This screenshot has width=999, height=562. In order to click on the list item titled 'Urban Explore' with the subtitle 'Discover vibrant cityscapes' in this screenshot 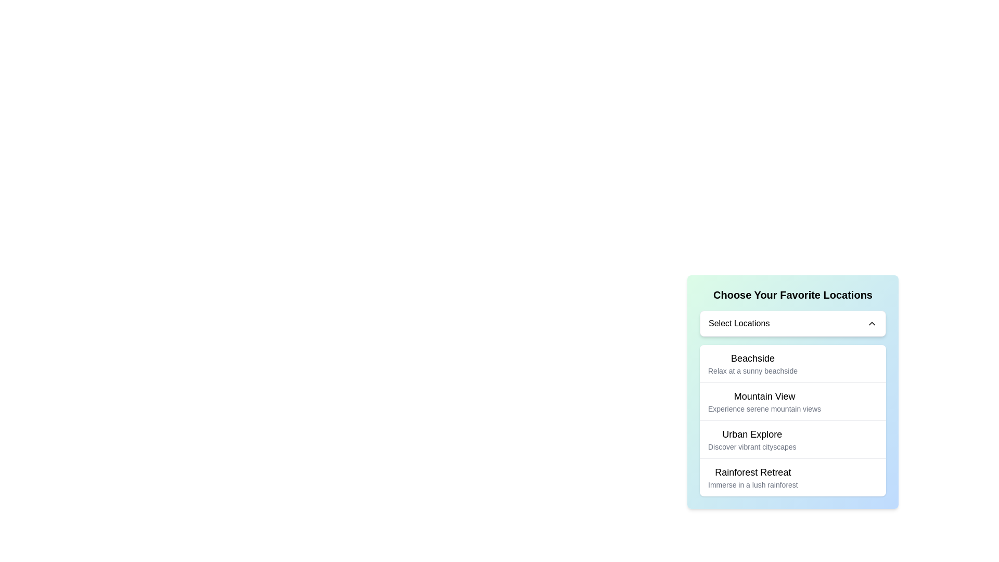, I will do `click(792, 439)`.